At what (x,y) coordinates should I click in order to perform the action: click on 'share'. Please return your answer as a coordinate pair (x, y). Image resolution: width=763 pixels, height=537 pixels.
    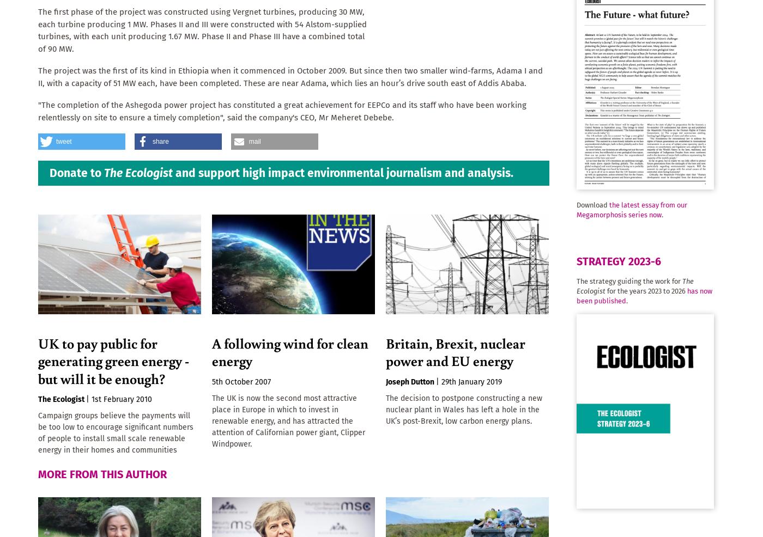
    Looking at the image, I should click on (160, 142).